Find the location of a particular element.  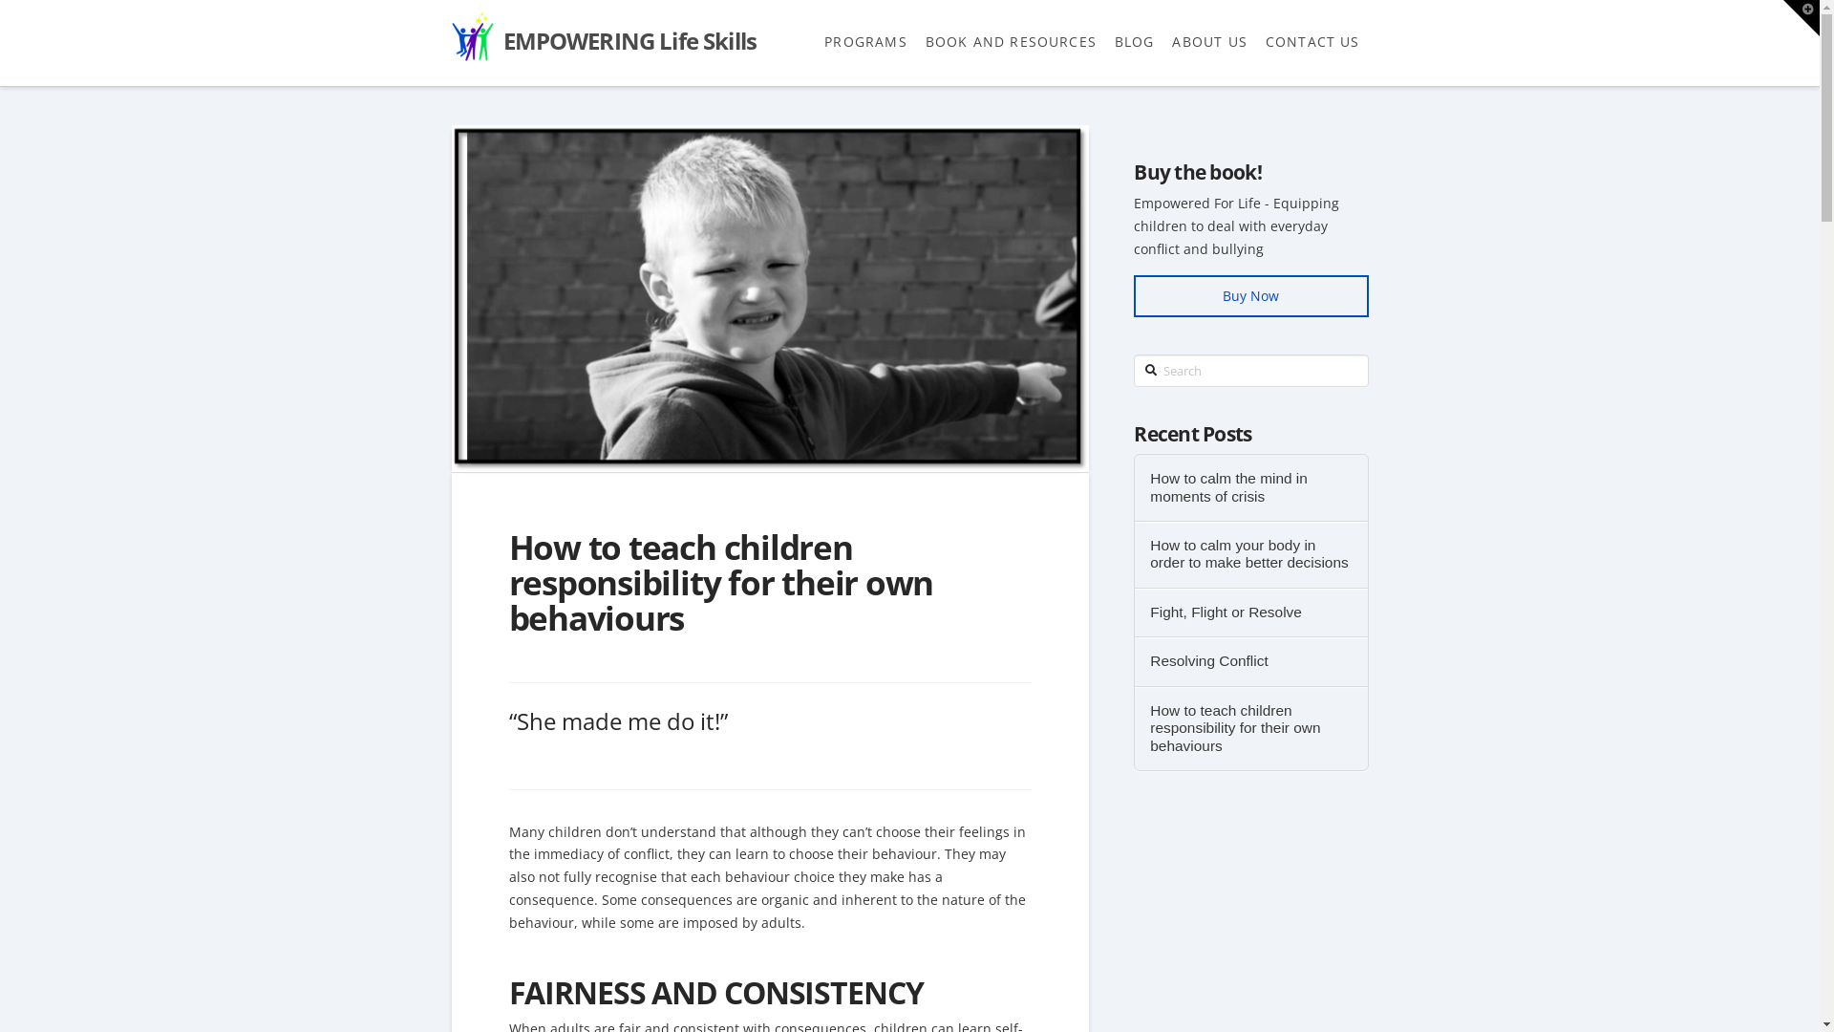

'How to calm the mind in moments of crisis' is located at coordinates (1250, 486).